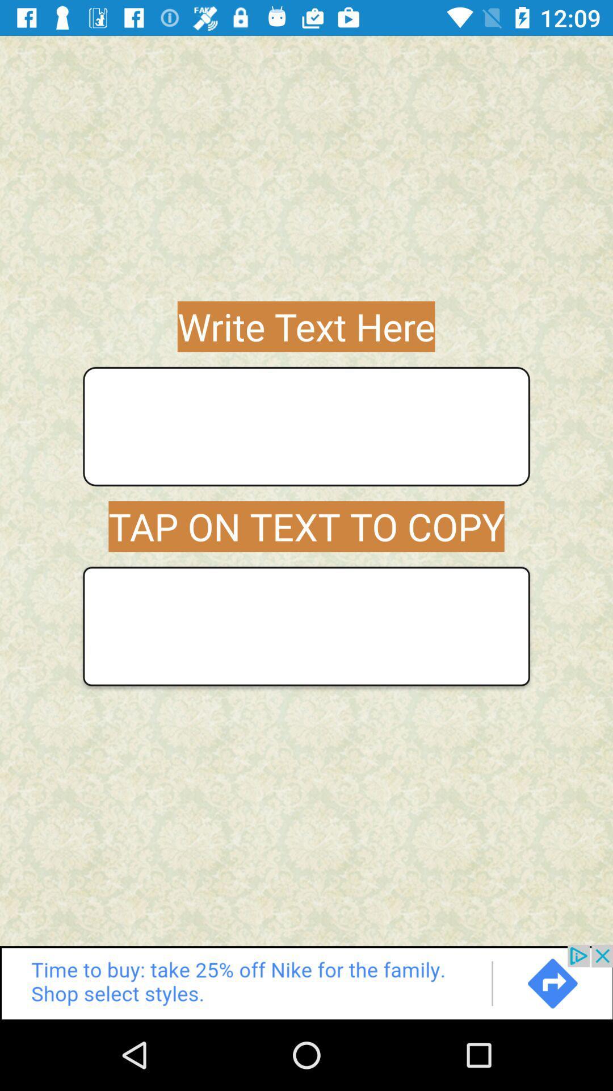  Describe the element at coordinates (306, 426) in the screenshot. I see `write your text here` at that location.